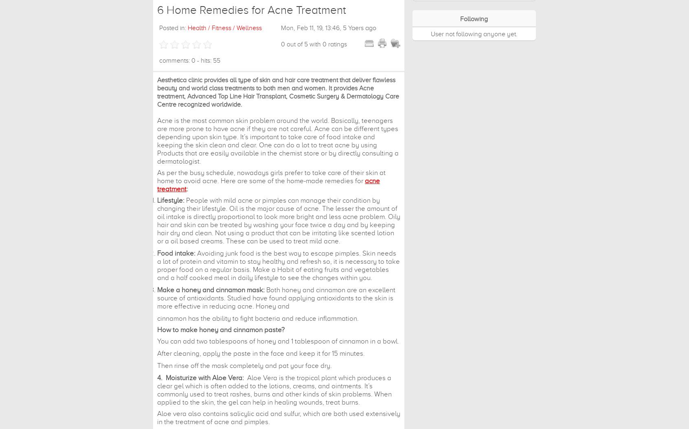 The image size is (689, 429). What do you see at coordinates (313, 44) in the screenshot?
I see `'0 out of 5 with 0 ratings'` at bounding box center [313, 44].